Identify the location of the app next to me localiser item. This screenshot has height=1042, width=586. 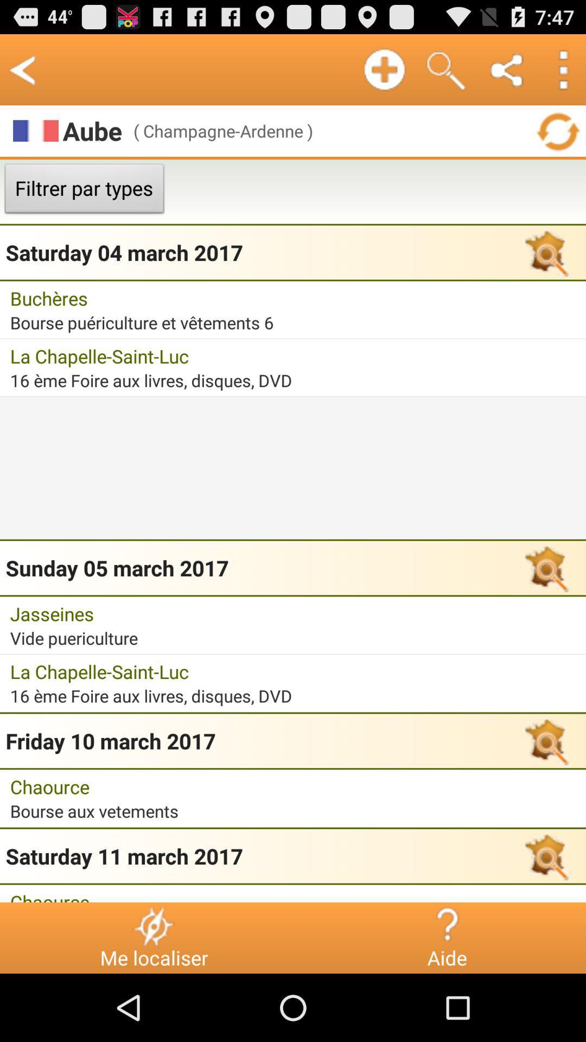
(447, 925).